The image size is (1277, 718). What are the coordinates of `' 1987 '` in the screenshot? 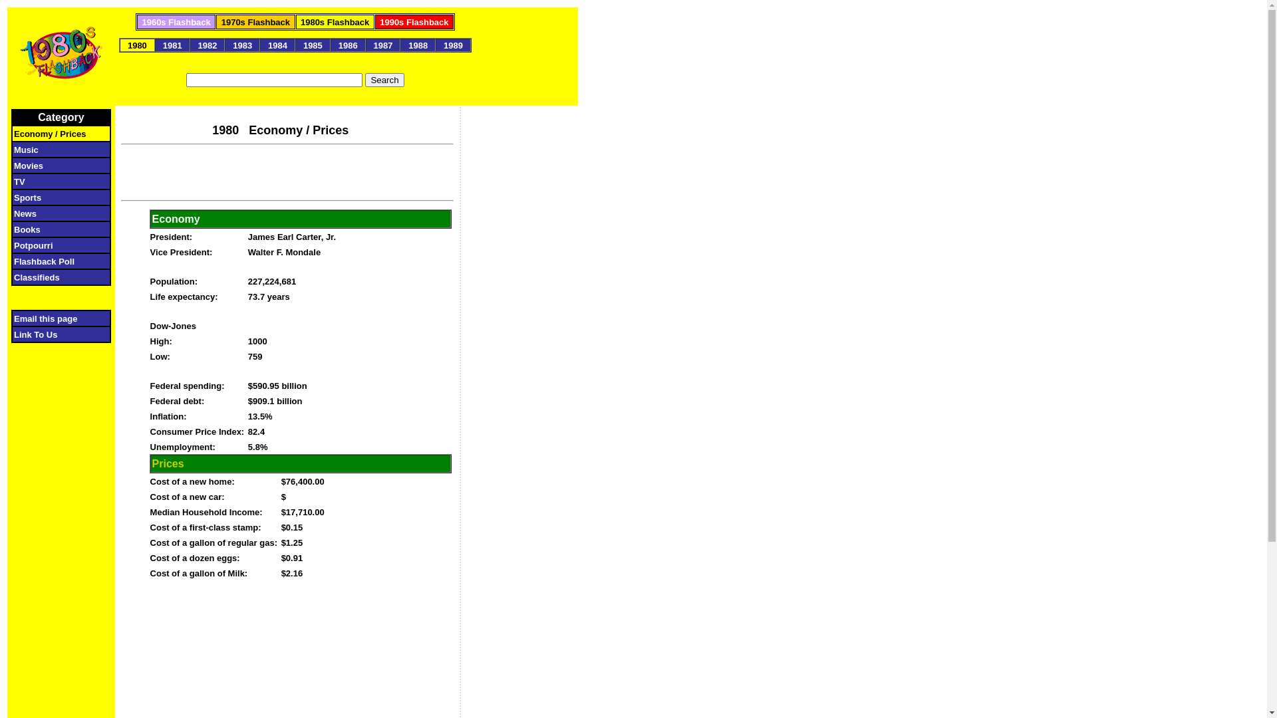 It's located at (382, 44).